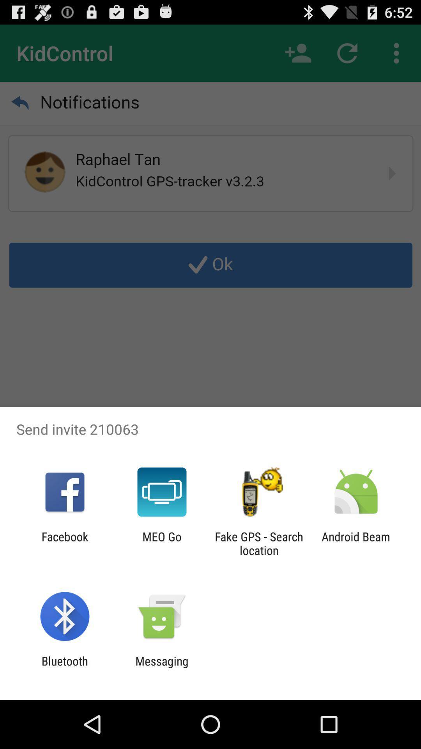  I want to click on the icon to the right of the facebook item, so click(161, 543).